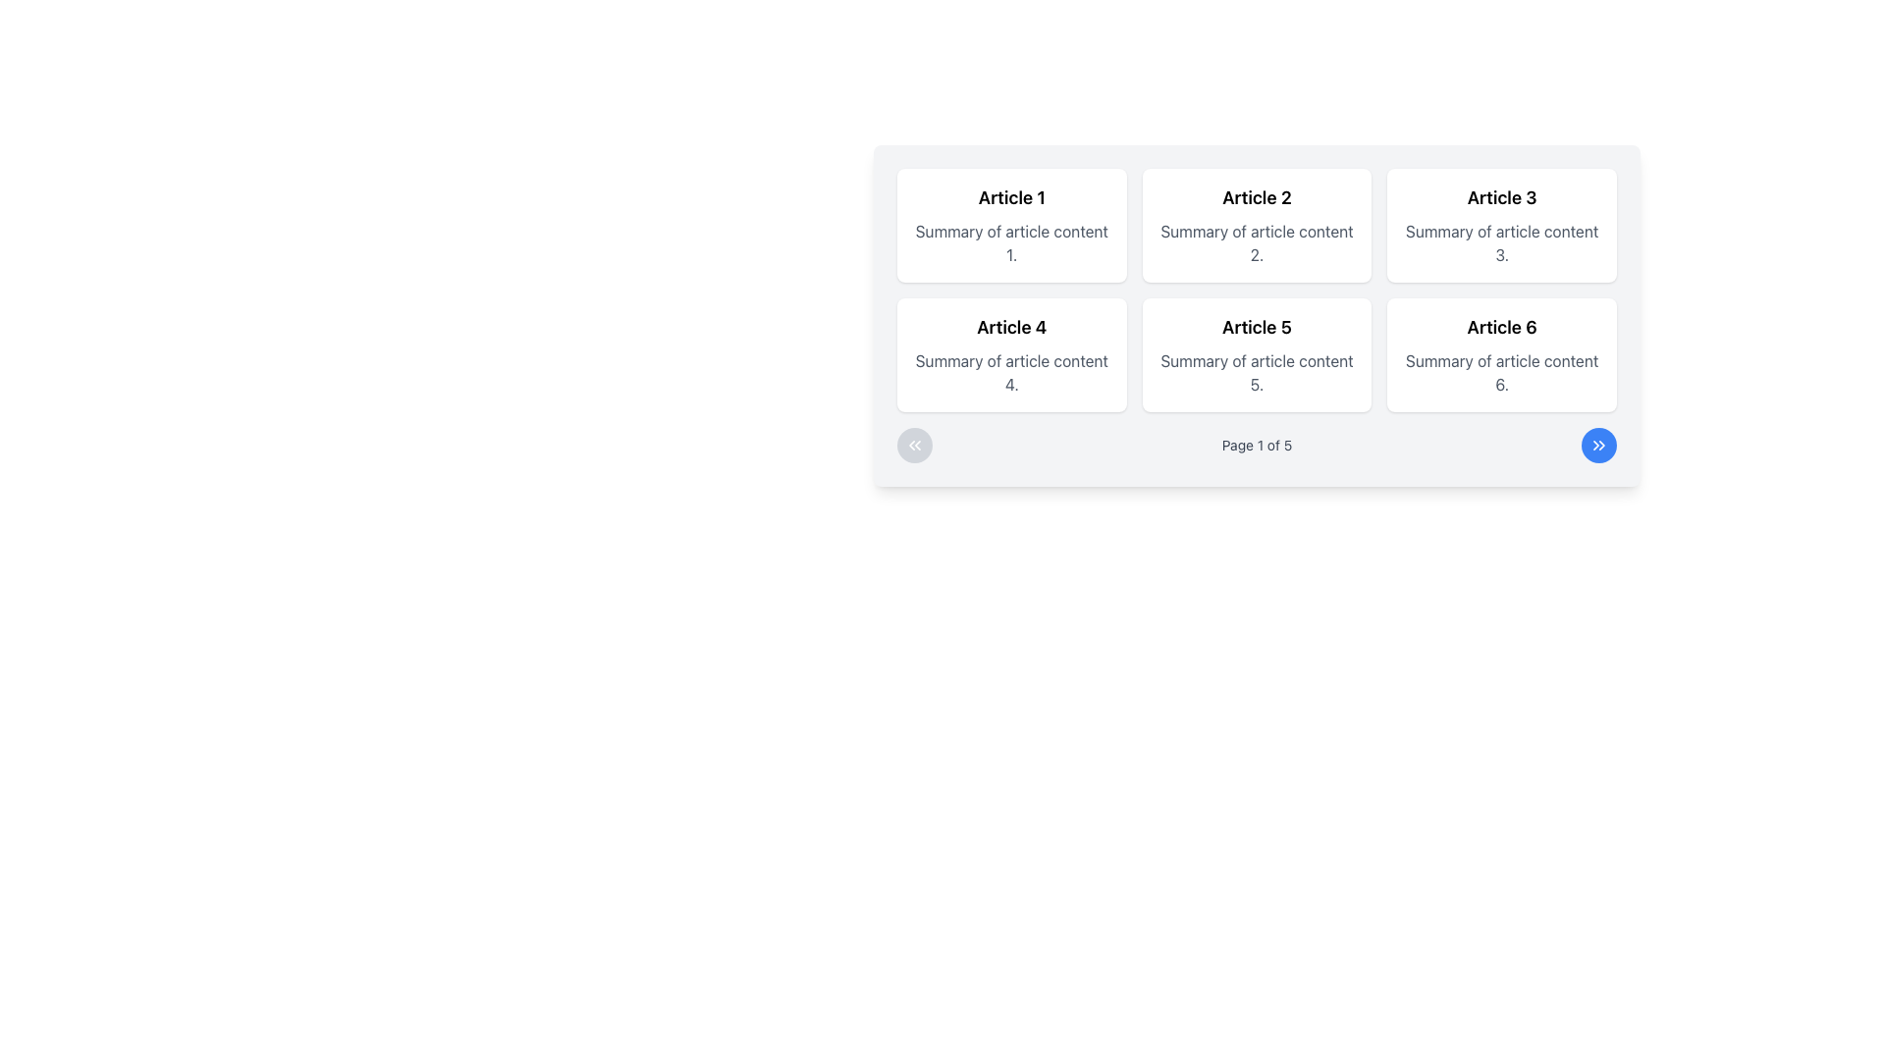  What do you see at coordinates (1011, 197) in the screenshot?
I see `the title text in the first card of the 2x3 grid layout, which serves as the main heading for the associated content card` at bounding box center [1011, 197].